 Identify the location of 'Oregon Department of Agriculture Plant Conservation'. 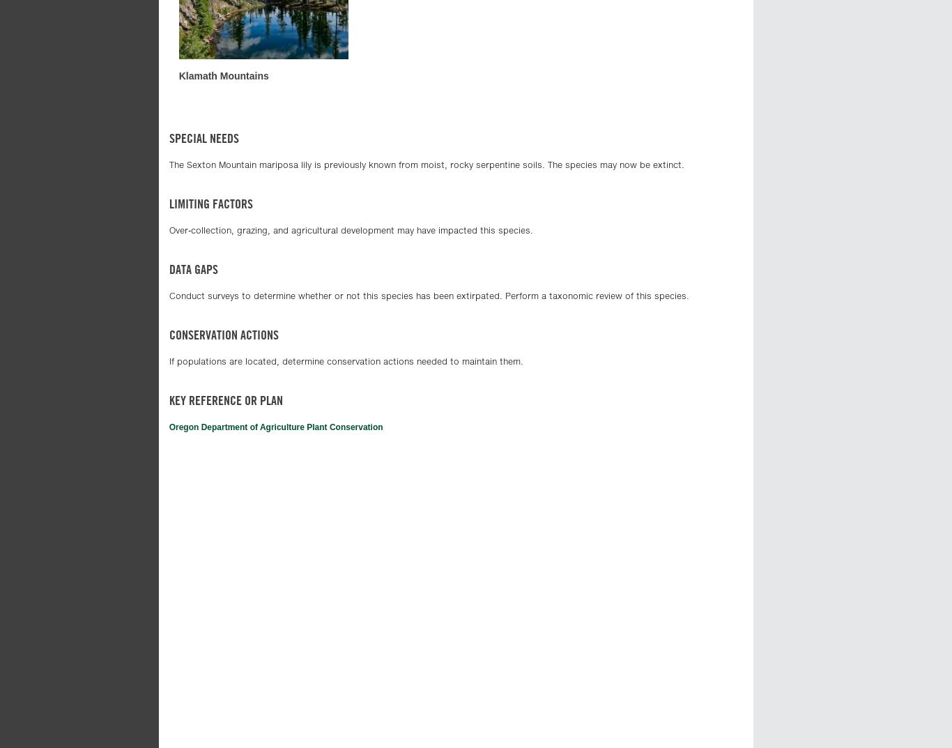
(275, 427).